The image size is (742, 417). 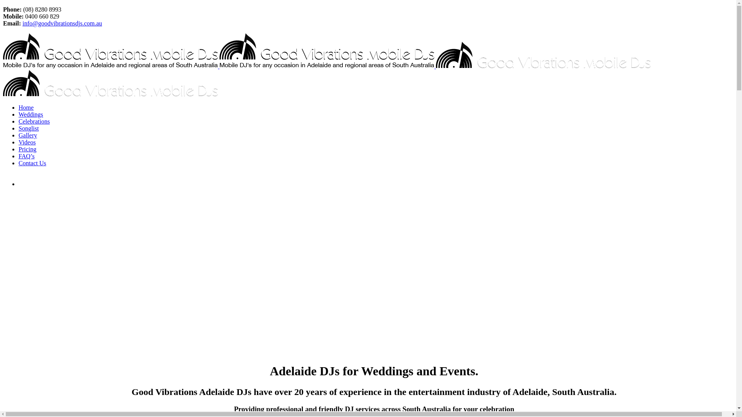 I want to click on 'Celebrations', so click(x=34, y=121).